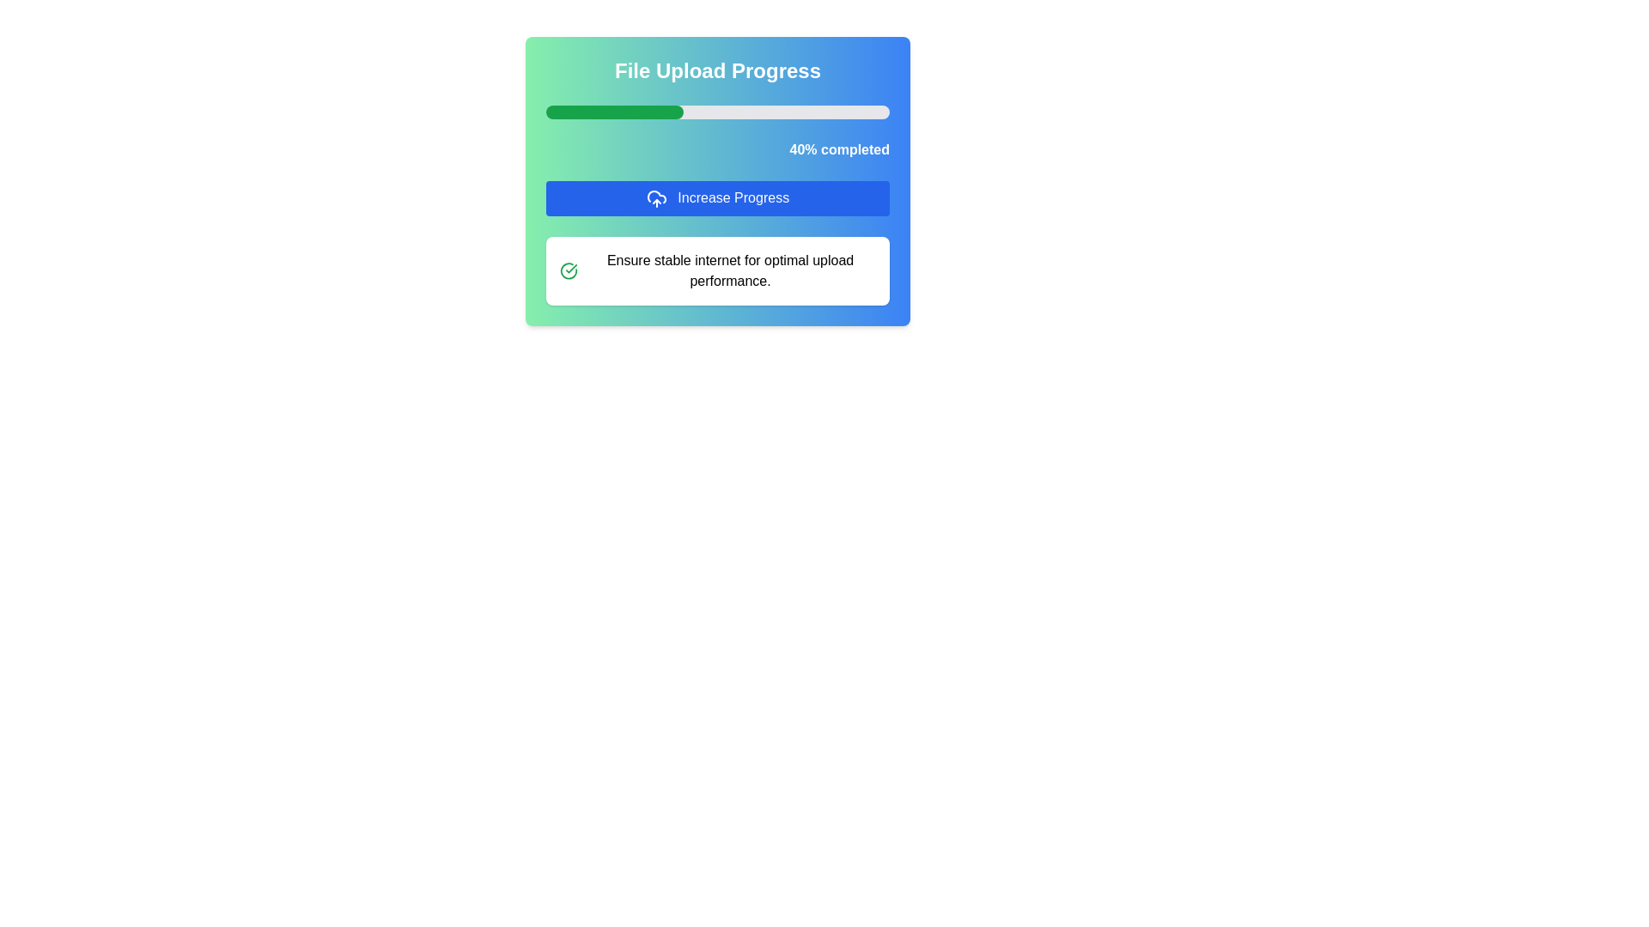 The image size is (1649, 927). I want to click on the text element displaying 'File Upload Progress', which is styled in bold and large white font against a gradient background, located at the top of the card layout, so click(717, 70).